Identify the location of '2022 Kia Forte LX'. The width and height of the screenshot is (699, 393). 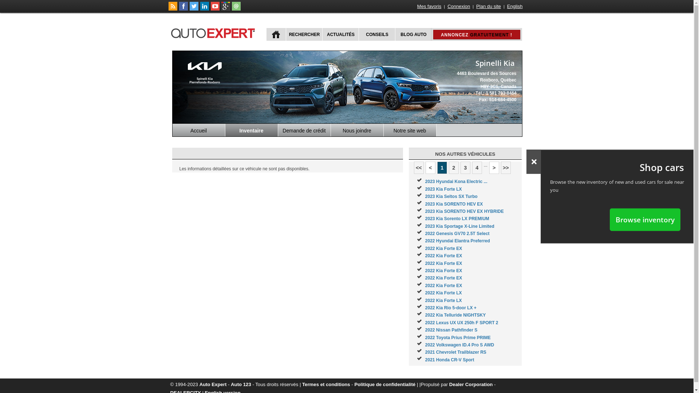
(443, 293).